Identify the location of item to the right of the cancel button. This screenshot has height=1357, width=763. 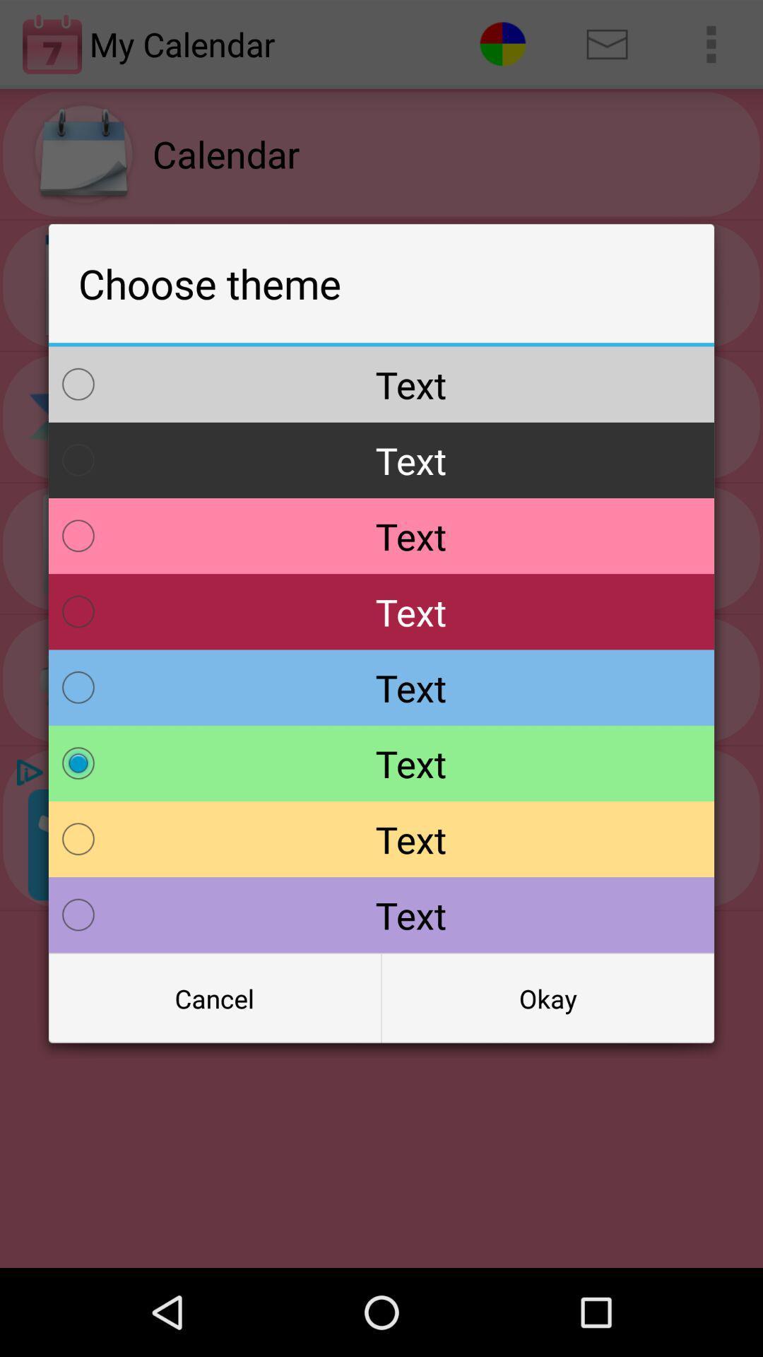
(547, 997).